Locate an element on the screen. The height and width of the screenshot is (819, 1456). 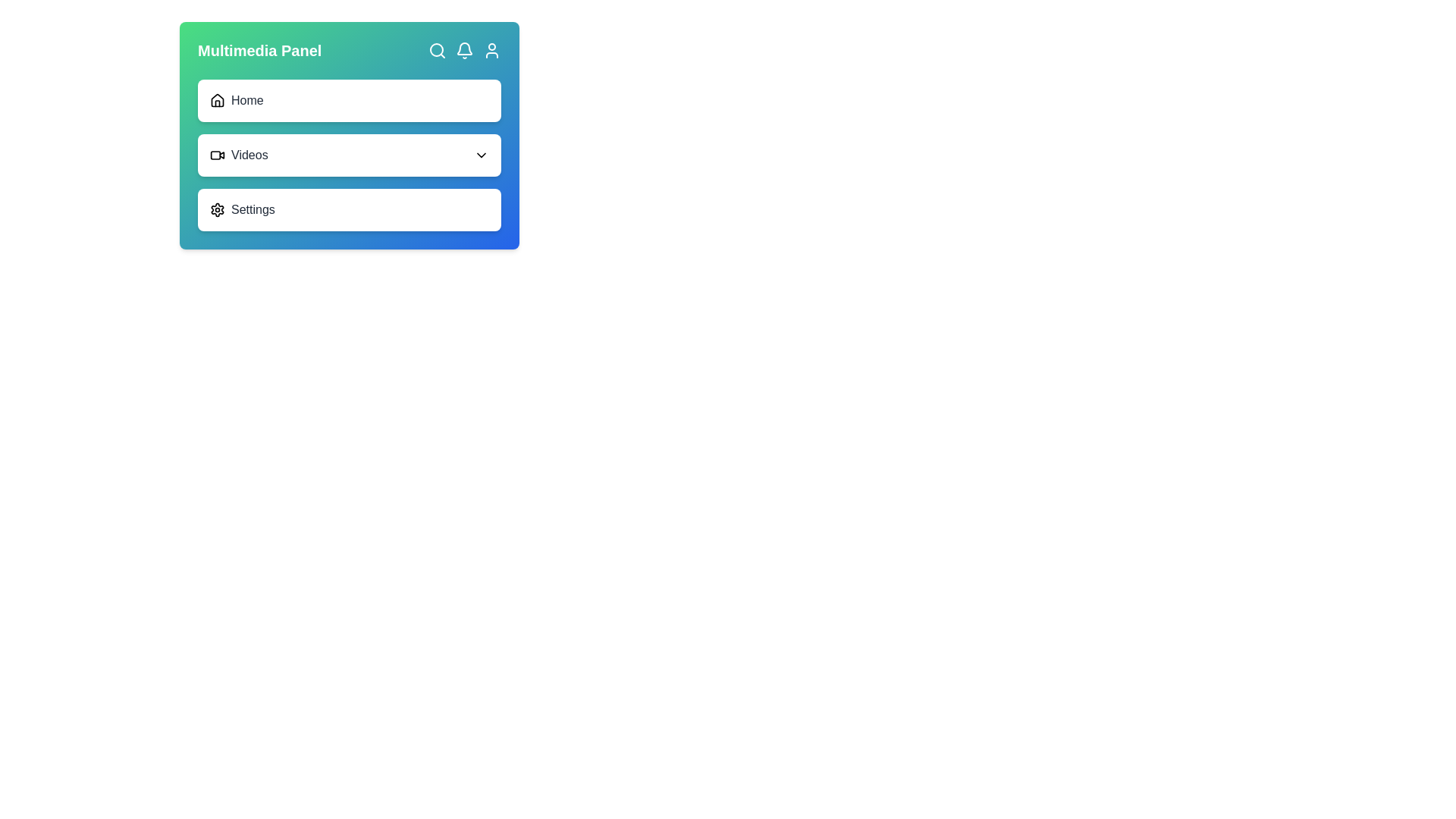
the 'Home' text label, which is styled in gray and located to the right of a house icon in the navigation panel is located at coordinates (247, 100).